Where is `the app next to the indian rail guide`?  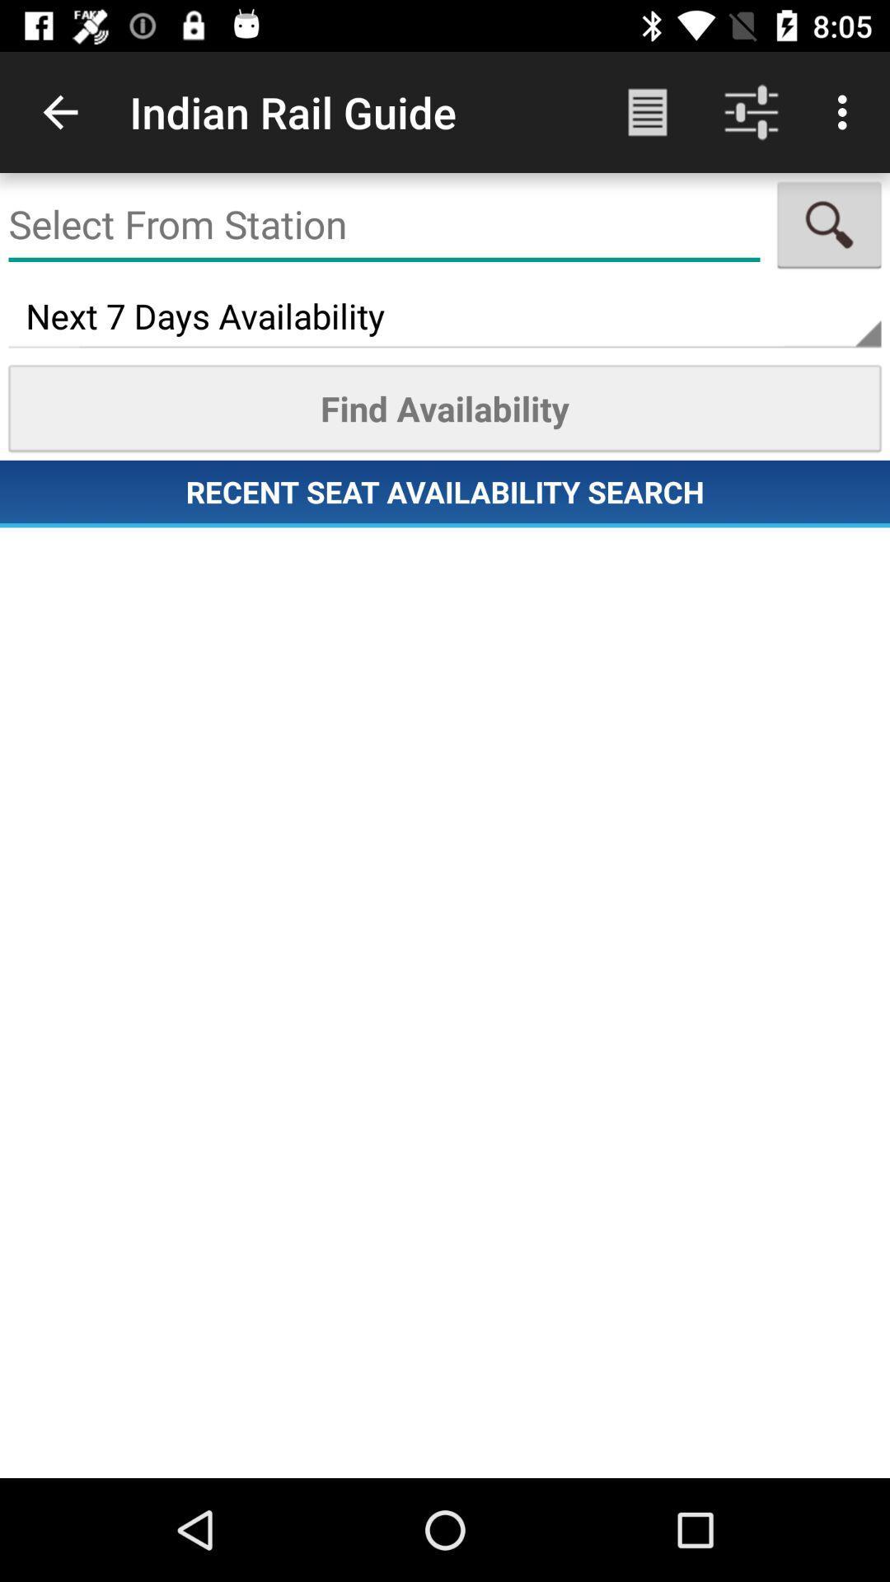 the app next to the indian rail guide is located at coordinates (647, 111).